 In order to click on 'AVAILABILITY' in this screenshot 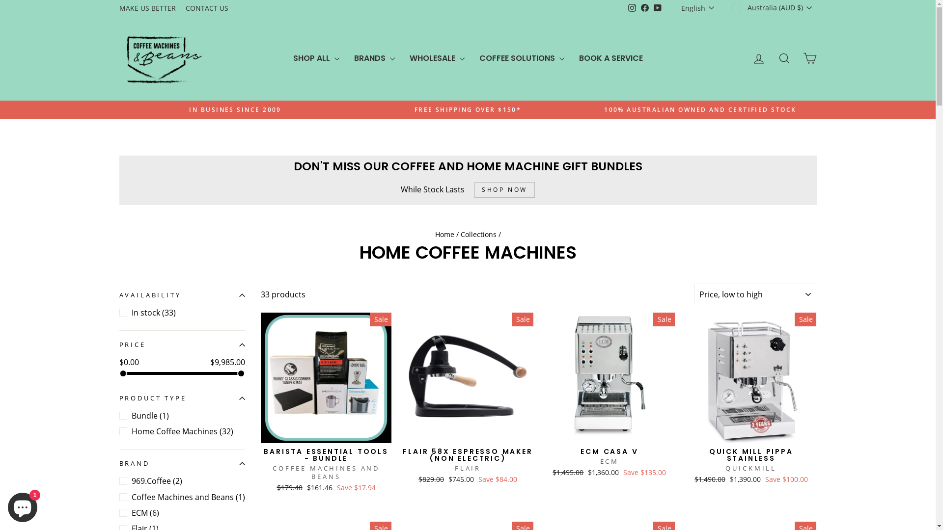, I will do `click(181, 294)`.